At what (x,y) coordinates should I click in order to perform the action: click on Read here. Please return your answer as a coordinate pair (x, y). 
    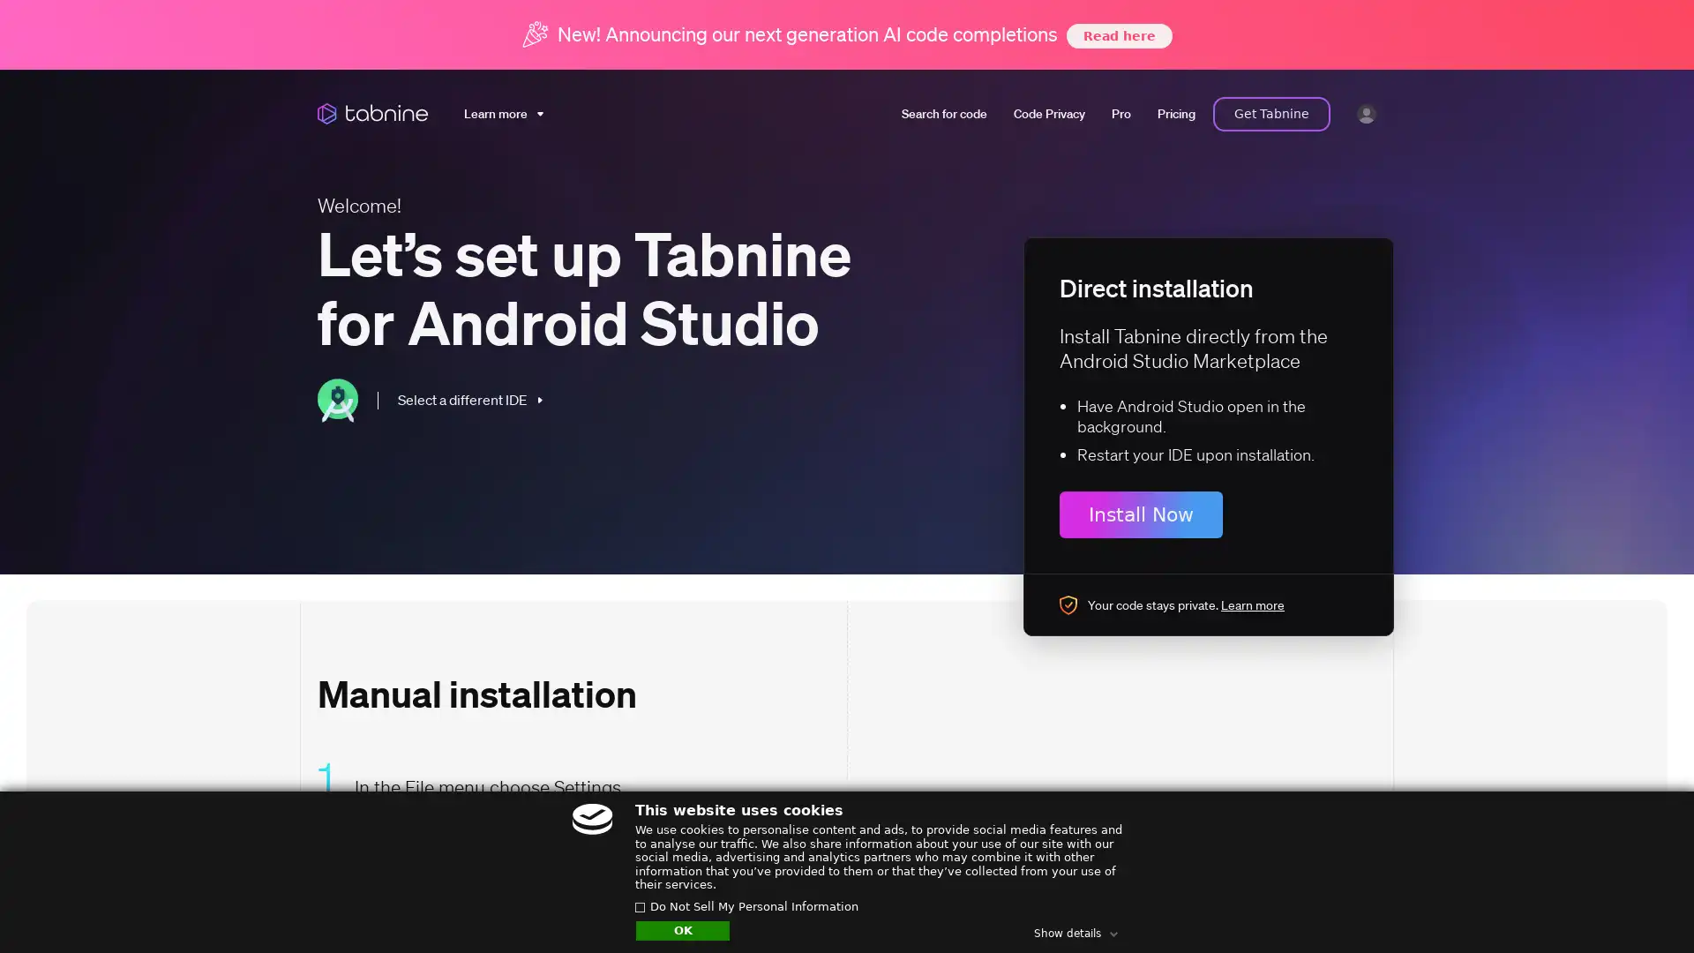
    Looking at the image, I should click on (1117, 34).